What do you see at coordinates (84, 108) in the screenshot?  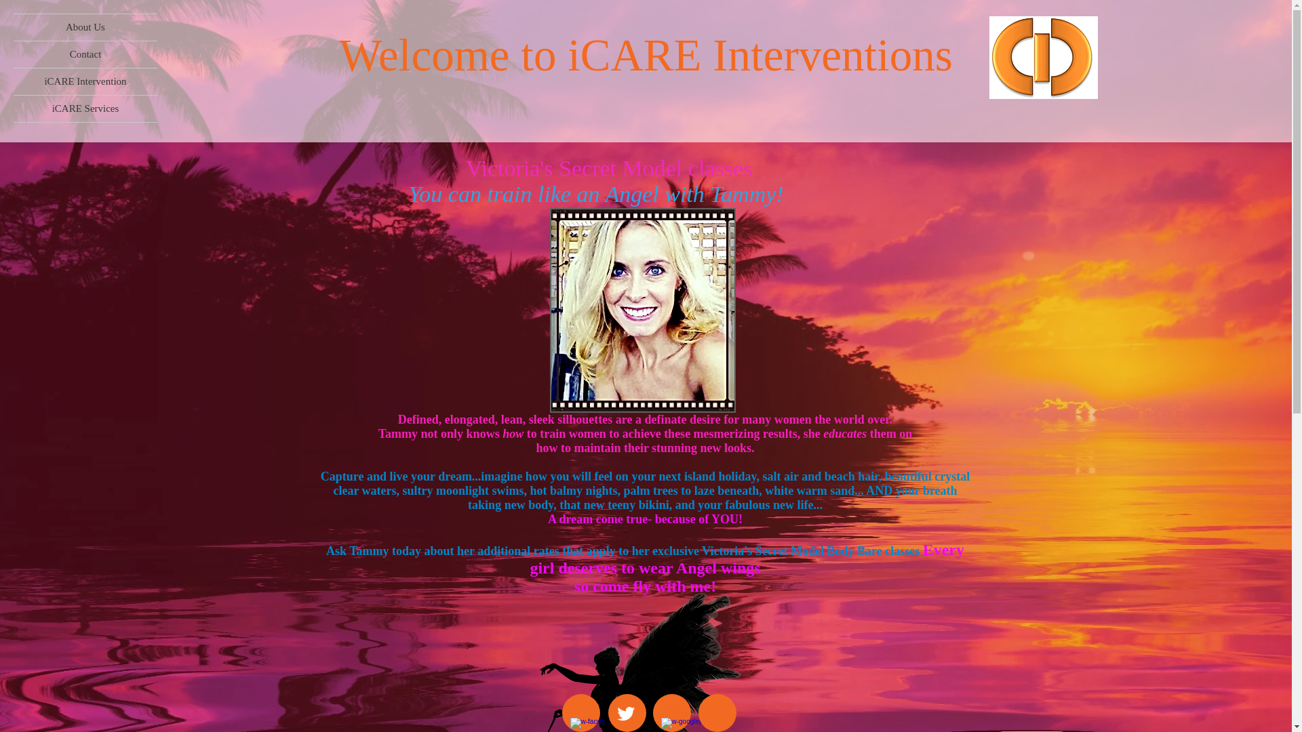 I see `'iCARE Services'` at bounding box center [84, 108].